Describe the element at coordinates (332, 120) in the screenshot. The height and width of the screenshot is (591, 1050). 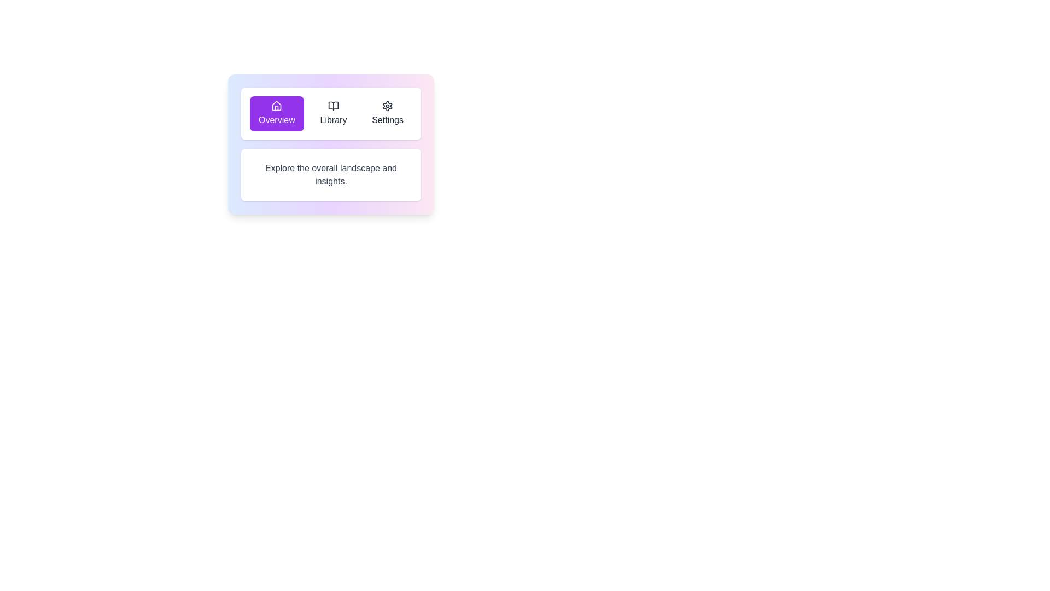
I see `the 'Library' text label which identifies the corresponding navigation option between 'Overview' and 'Settings'` at that location.